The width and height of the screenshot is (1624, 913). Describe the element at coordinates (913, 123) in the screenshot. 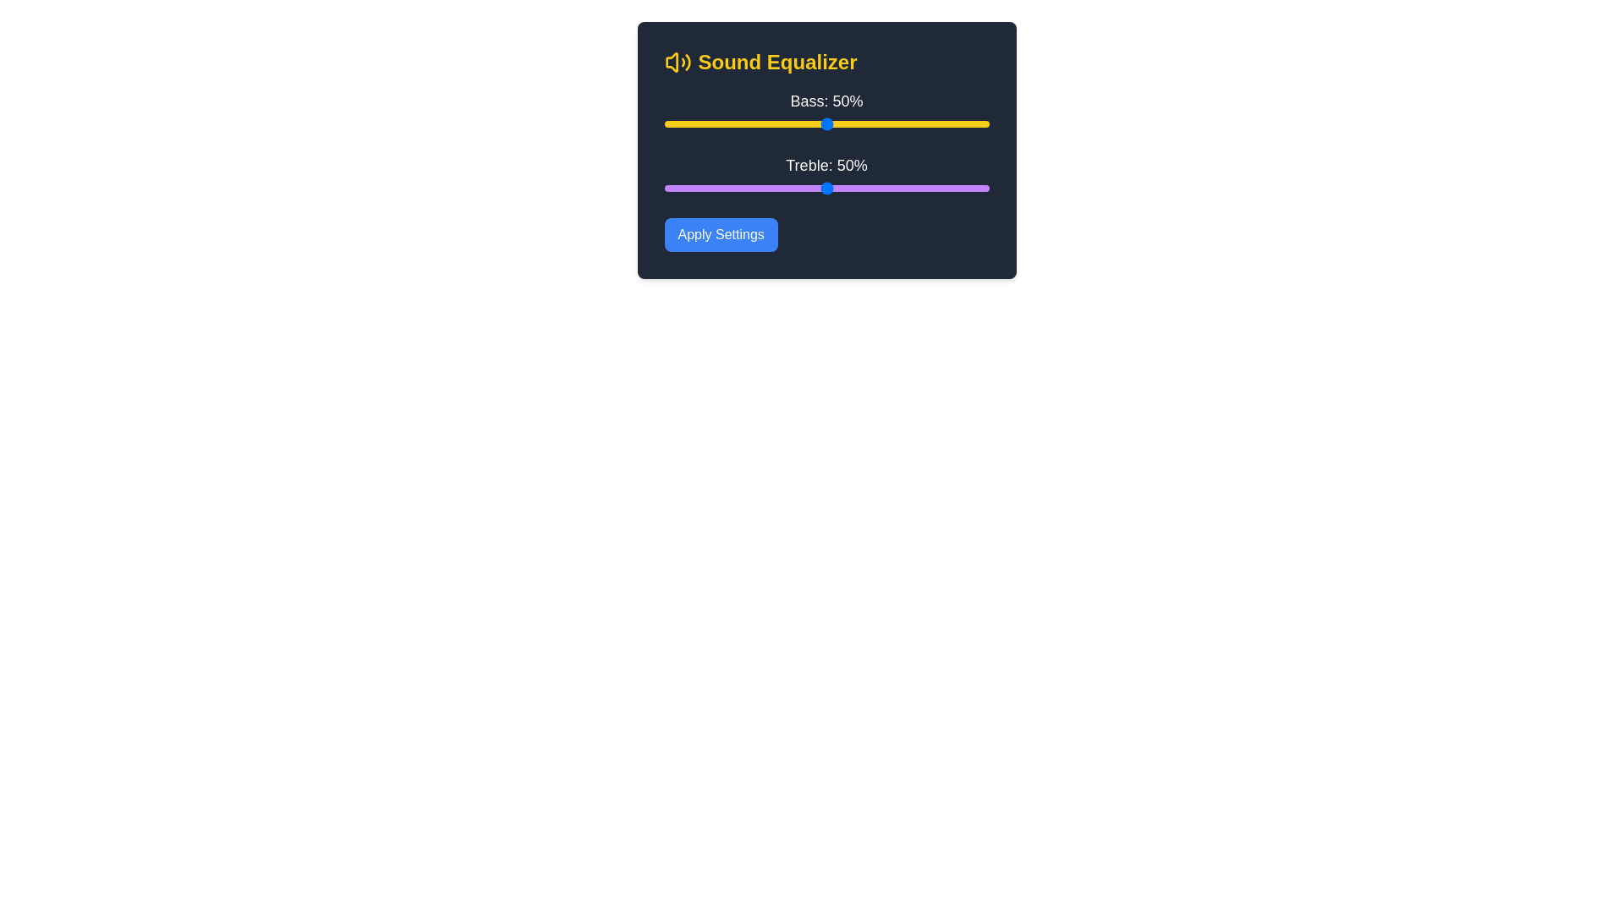

I see `the bass level to 77% using the slider` at that location.